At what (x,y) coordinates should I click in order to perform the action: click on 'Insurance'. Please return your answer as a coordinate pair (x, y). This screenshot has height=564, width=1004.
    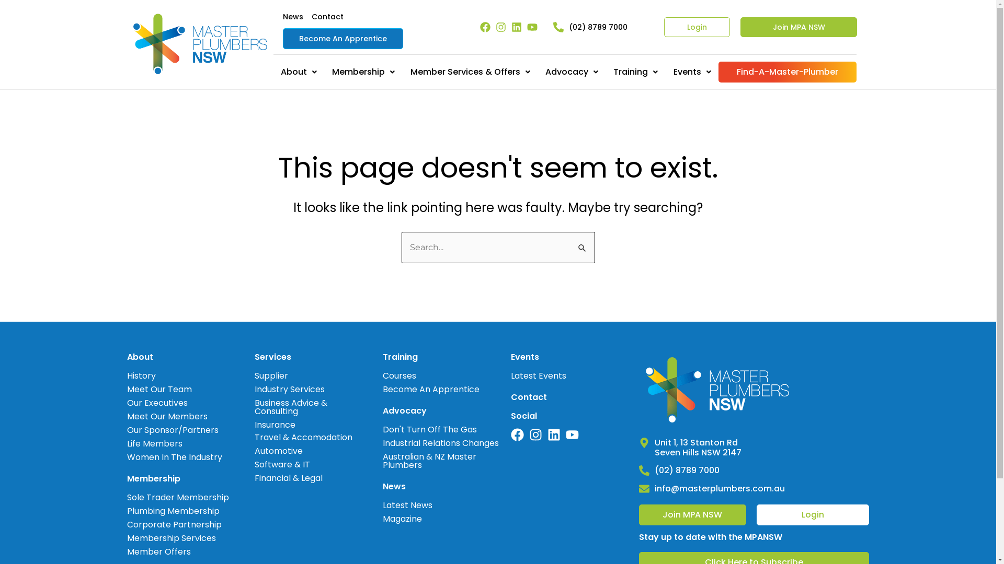
    Looking at the image, I should click on (313, 425).